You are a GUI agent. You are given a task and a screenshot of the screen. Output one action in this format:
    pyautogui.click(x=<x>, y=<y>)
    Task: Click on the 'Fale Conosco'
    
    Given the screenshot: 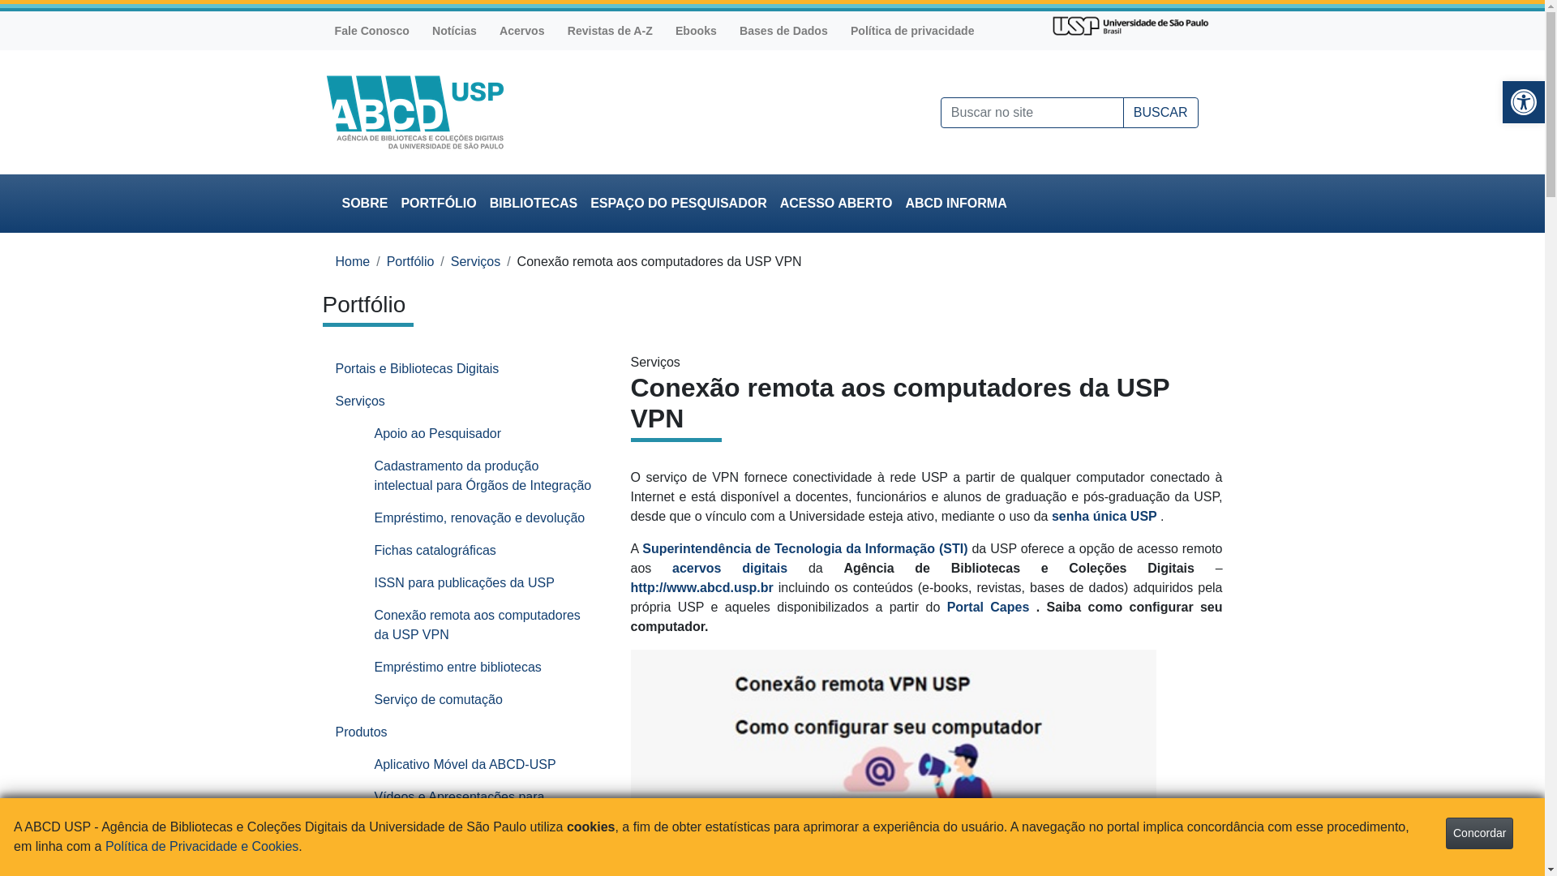 What is the action you would take?
    pyautogui.click(x=370, y=31)
    